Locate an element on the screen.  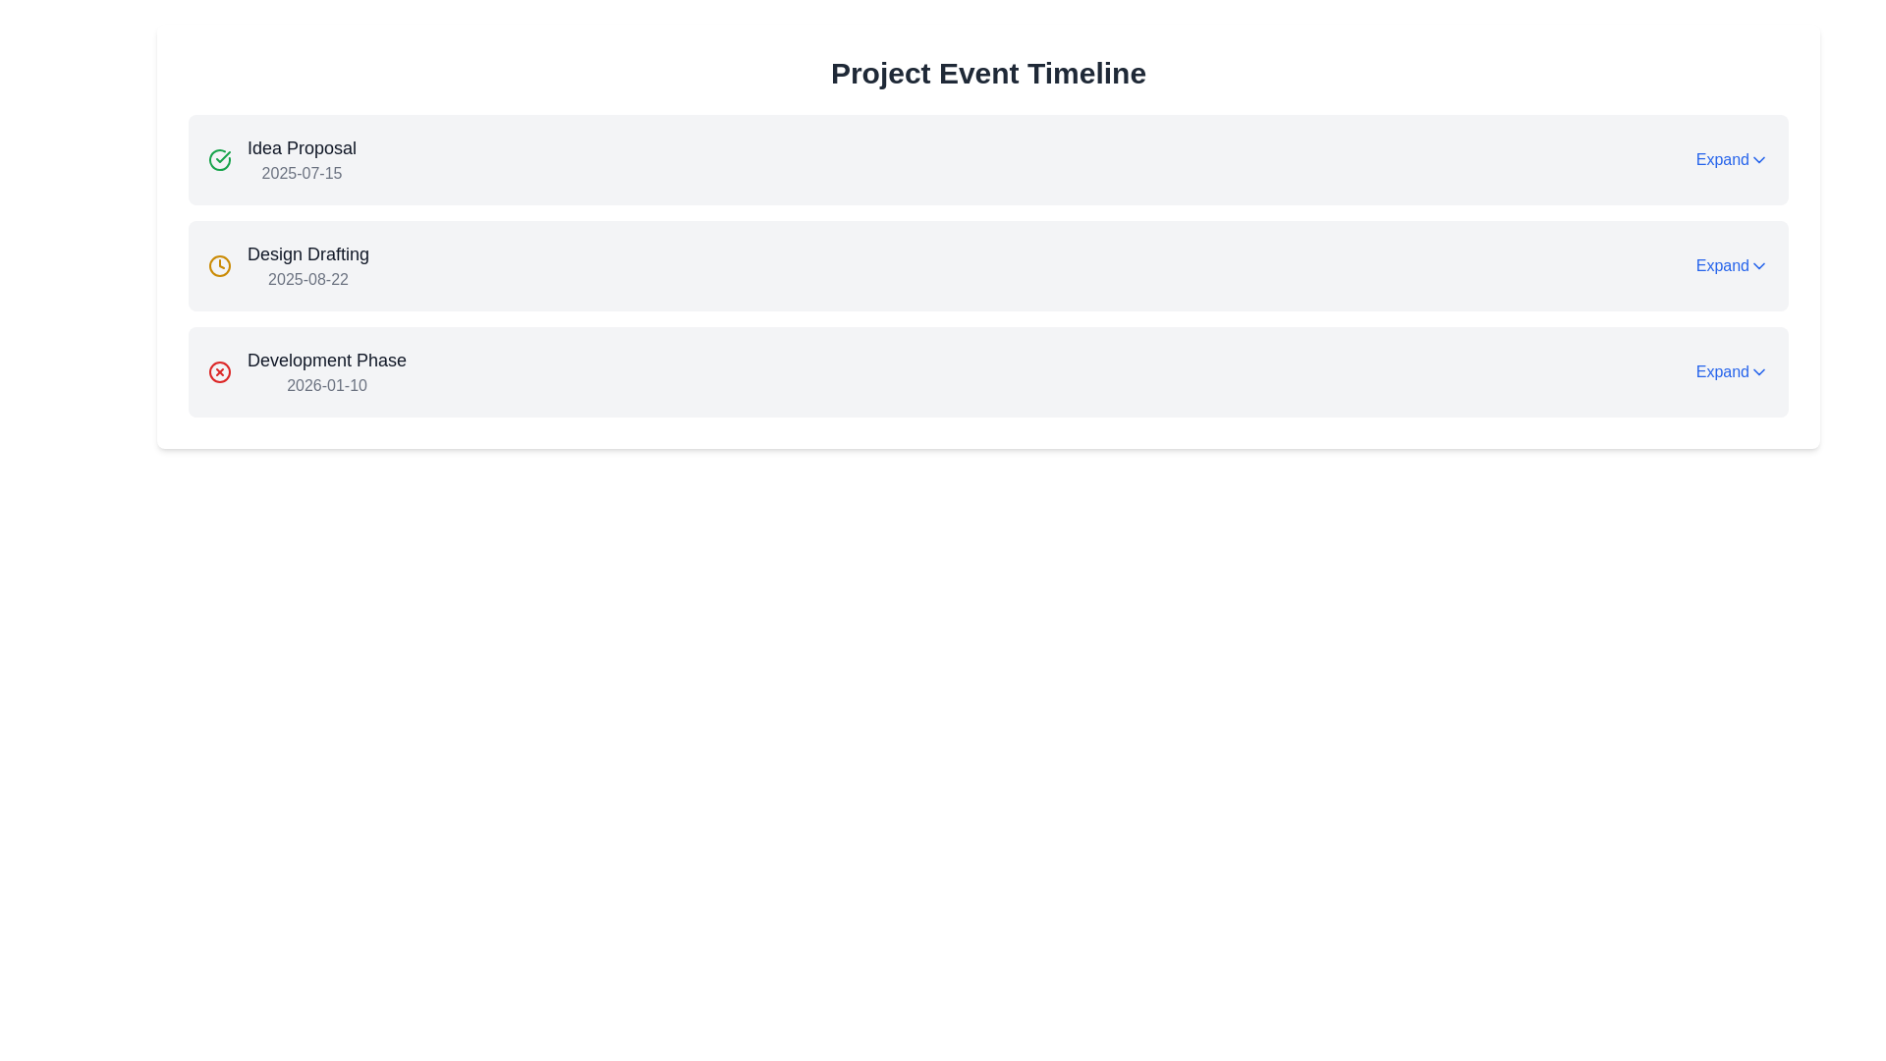
the date indicator text label located under the 'Idea Proposal' heading in the timeline interface is located at coordinates (301, 172).